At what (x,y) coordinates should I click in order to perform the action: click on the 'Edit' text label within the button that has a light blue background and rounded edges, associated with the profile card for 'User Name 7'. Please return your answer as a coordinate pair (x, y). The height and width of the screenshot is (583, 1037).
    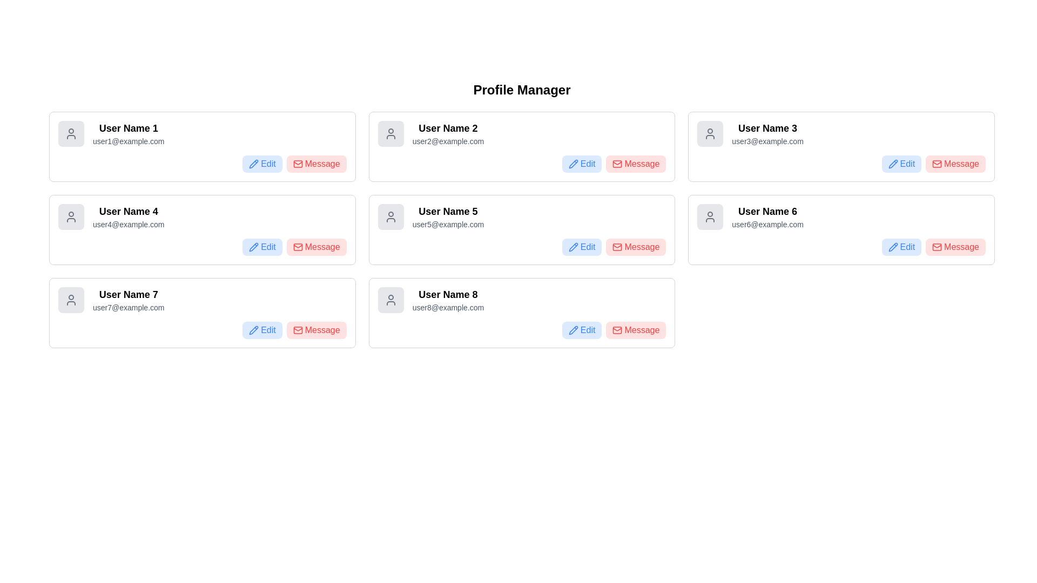
    Looking at the image, I should click on (268, 330).